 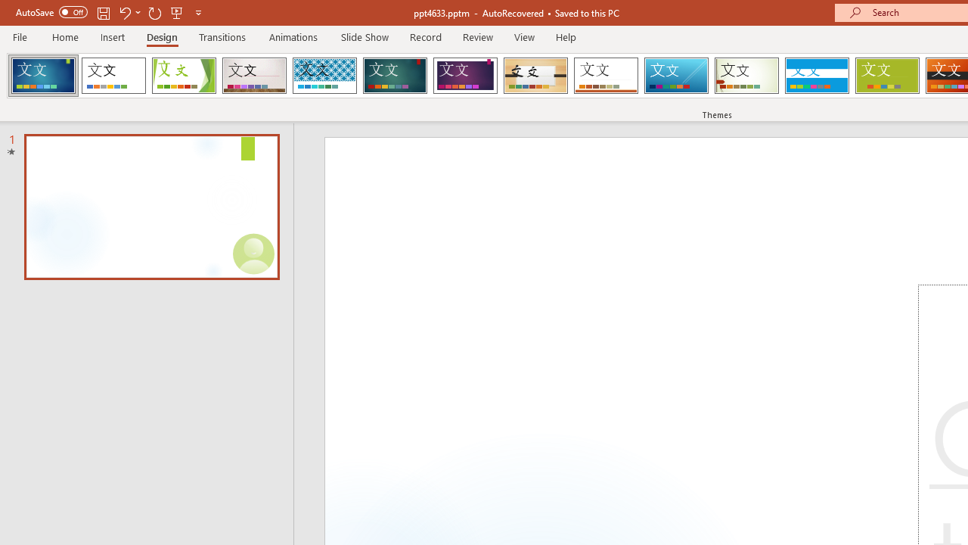 I want to click on 'Customize Quick Access Toolbar', so click(x=198, y=12).